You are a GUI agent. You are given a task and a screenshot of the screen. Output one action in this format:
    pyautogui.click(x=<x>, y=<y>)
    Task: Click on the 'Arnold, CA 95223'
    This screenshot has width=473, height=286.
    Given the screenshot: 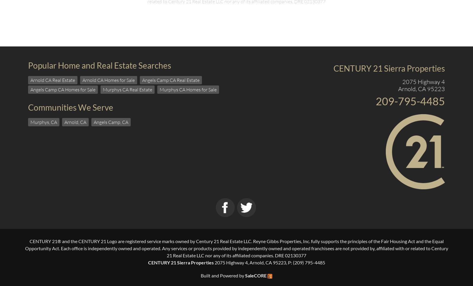 What is the action you would take?
    pyautogui.click(x=398, y=88)
    